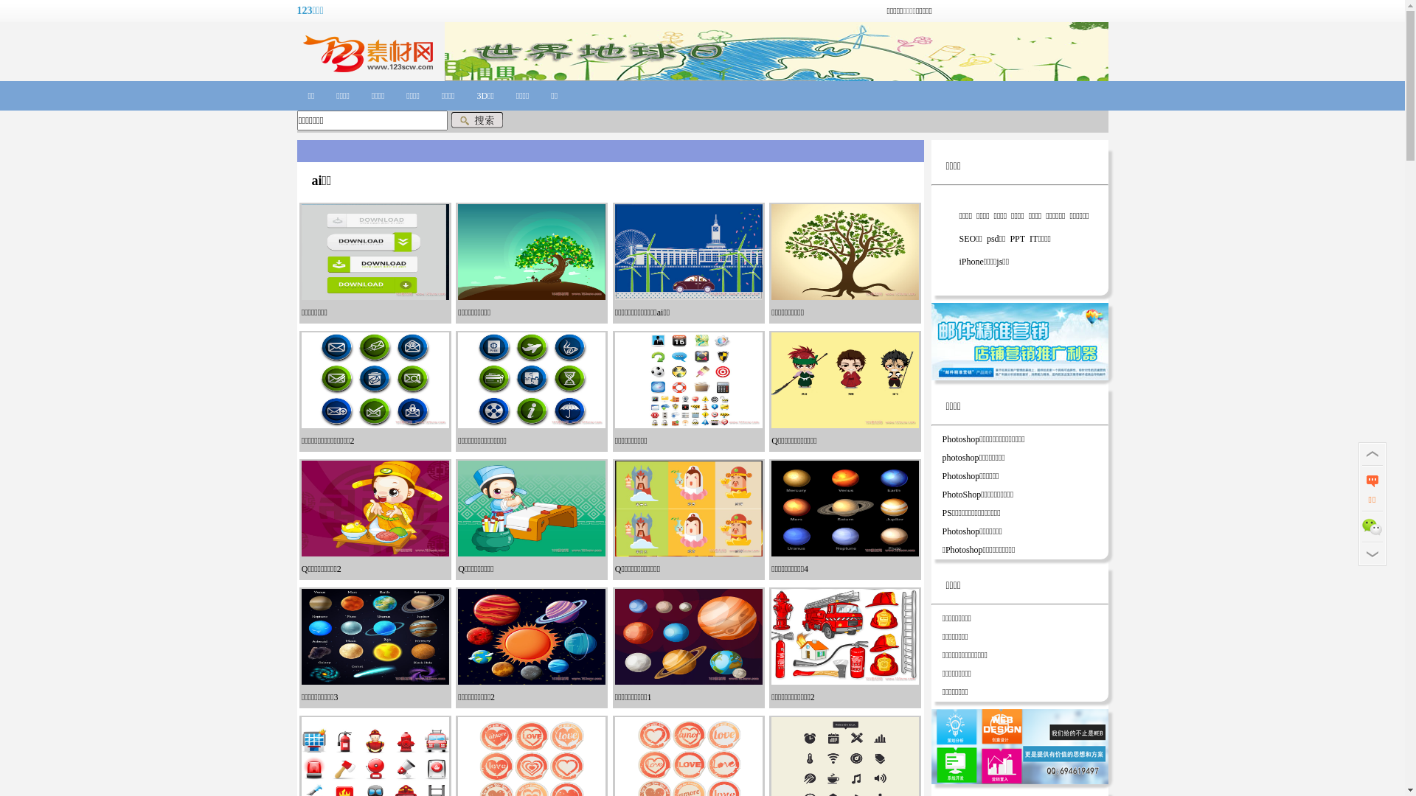  I want to click on 'PPT', so click(1016, 238).